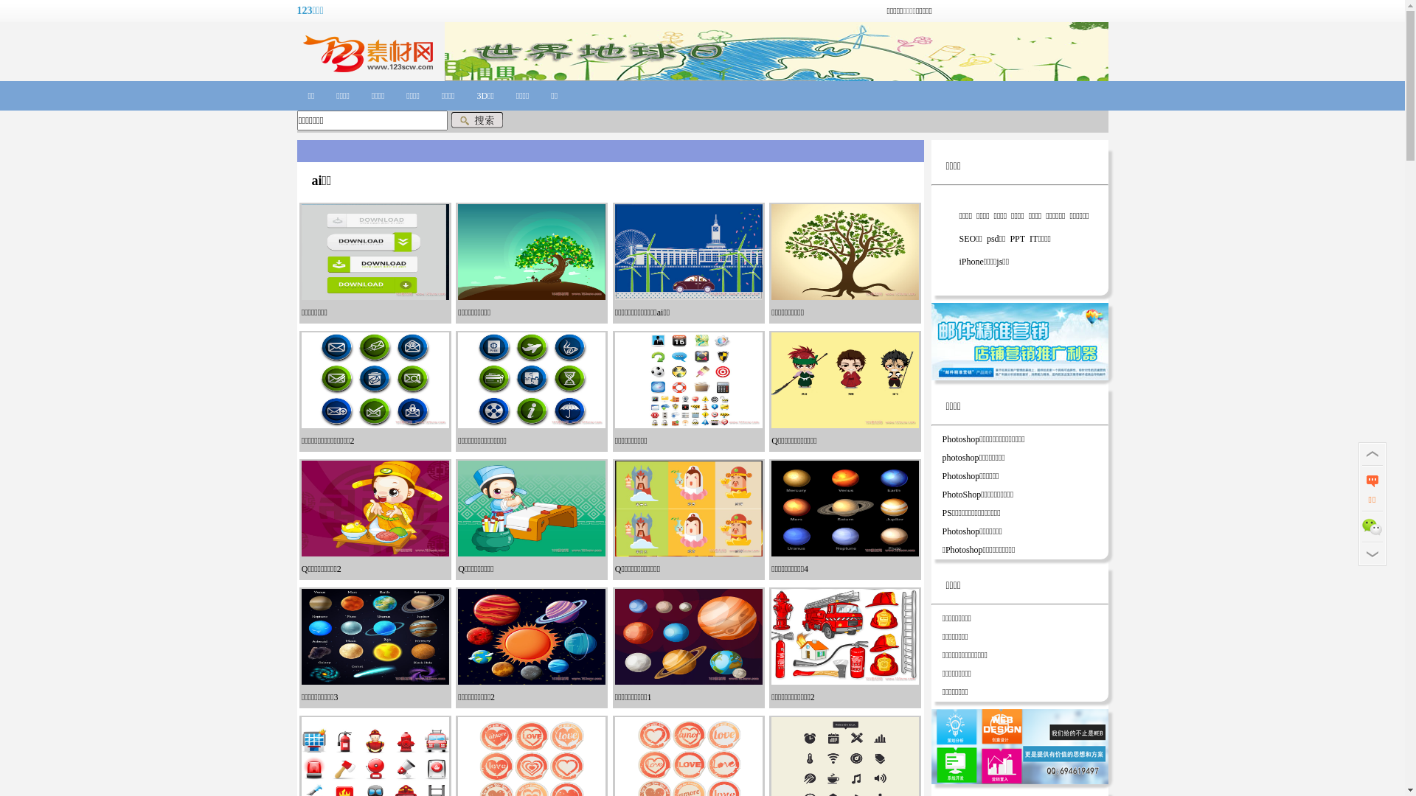  I want to click on 'PPT', so click(1016, 238).